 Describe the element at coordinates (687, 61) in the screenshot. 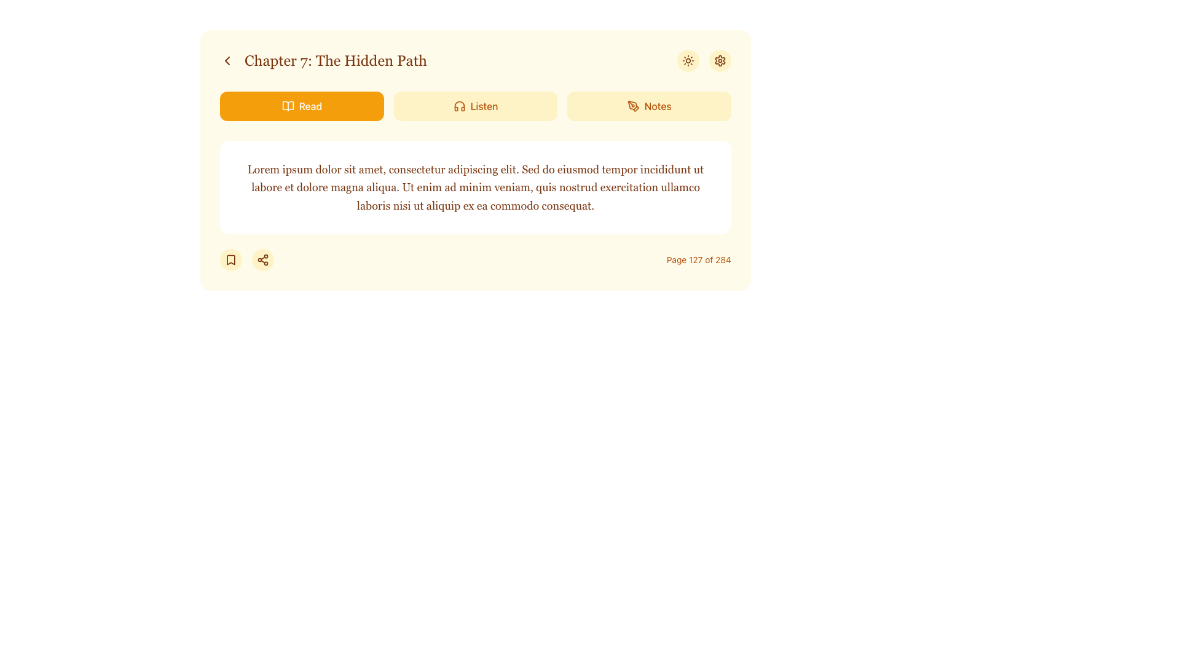

I see `the circular sun-shaped icon with rays, which is the second icon from the right in a horizontal group` at that location.